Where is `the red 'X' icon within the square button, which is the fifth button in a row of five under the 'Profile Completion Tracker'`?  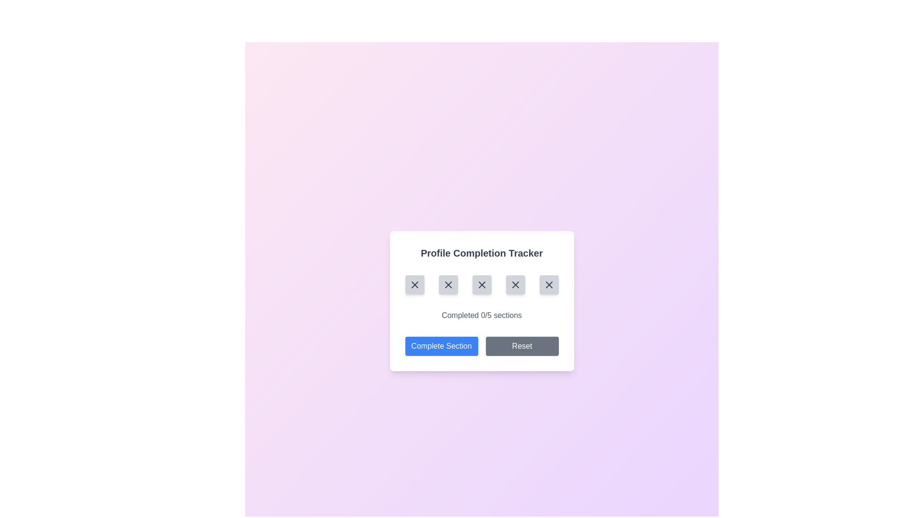
the red 'X' icon within the square button, which is the fifth button in a row of five under the 'Profile Completion Tracker' is located at coordinates (549, 284).